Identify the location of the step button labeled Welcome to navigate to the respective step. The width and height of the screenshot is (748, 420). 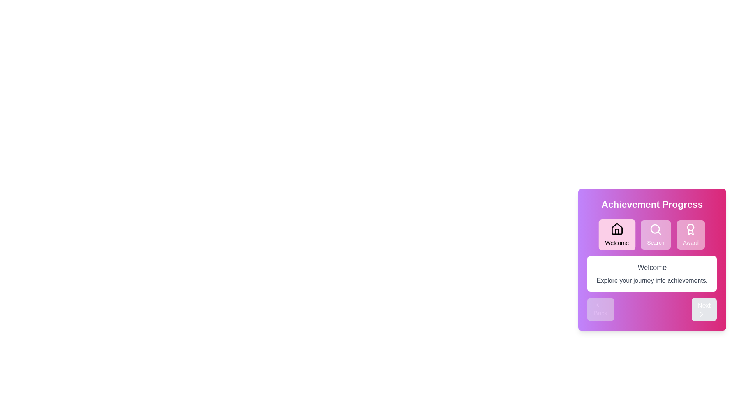
(617, 234).